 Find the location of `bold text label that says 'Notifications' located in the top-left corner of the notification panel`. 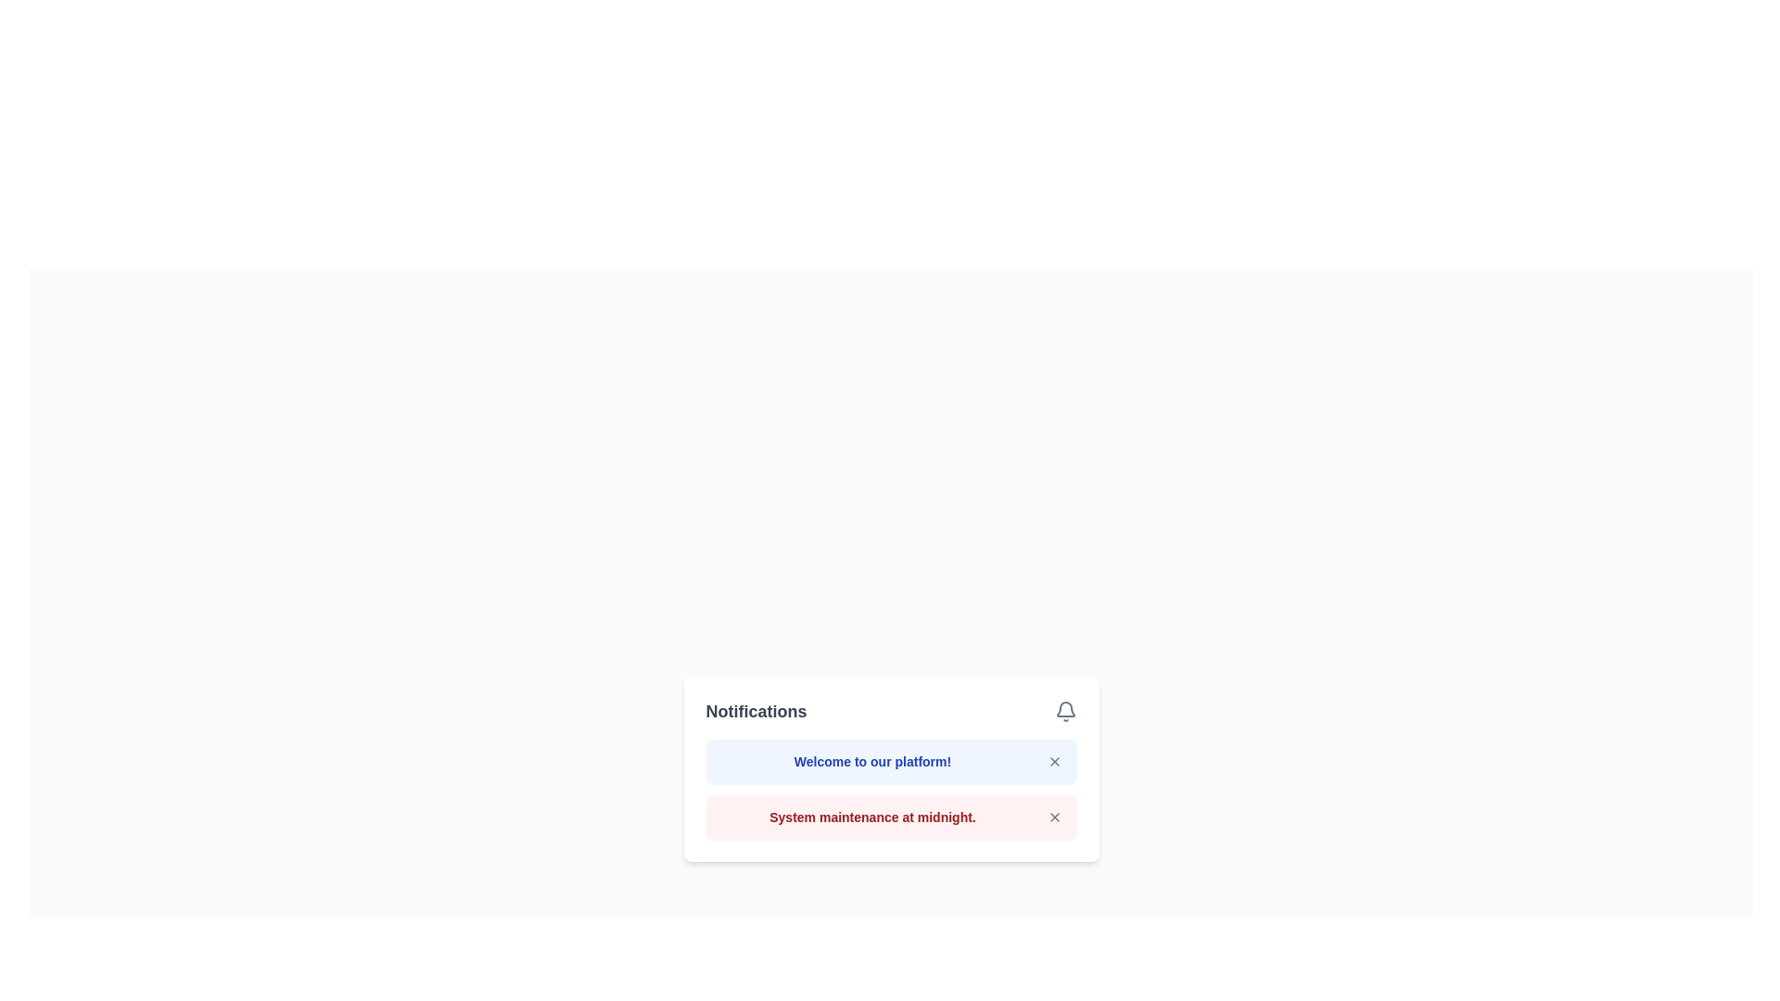

bold text label that says 'Notifications' located in the top-left corner of the notification panel is located at coordinates (756, 710).